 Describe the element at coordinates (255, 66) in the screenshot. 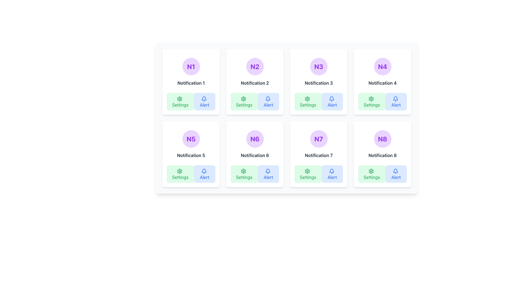

I see `the round button labeled 'N2' with bold purple text on a light purple background, located at the top-center of the 'Notification 2' card` at that location.